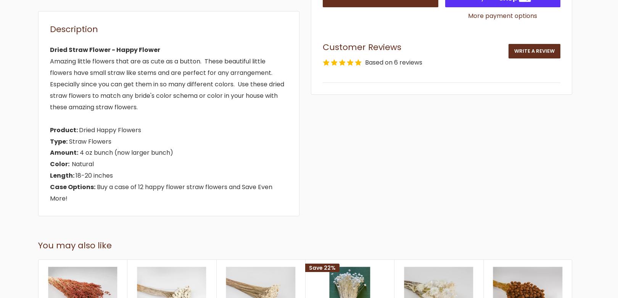 This screenshot has width=618, height=298. What do you see at coordinates (63, 175) in the screenshot?
I see `'Length:'` at bounding box center [63, 175].